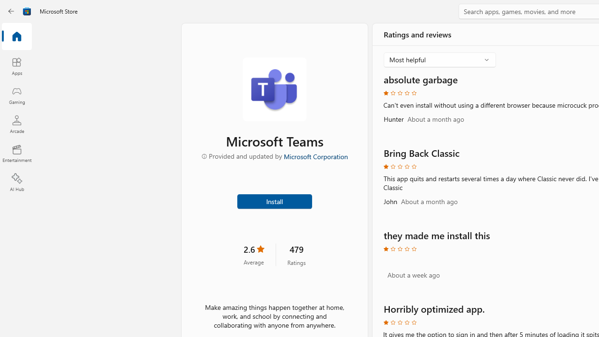 This screenshot has height=337, width=599. I want to click on 'Home', so click(16, 37).